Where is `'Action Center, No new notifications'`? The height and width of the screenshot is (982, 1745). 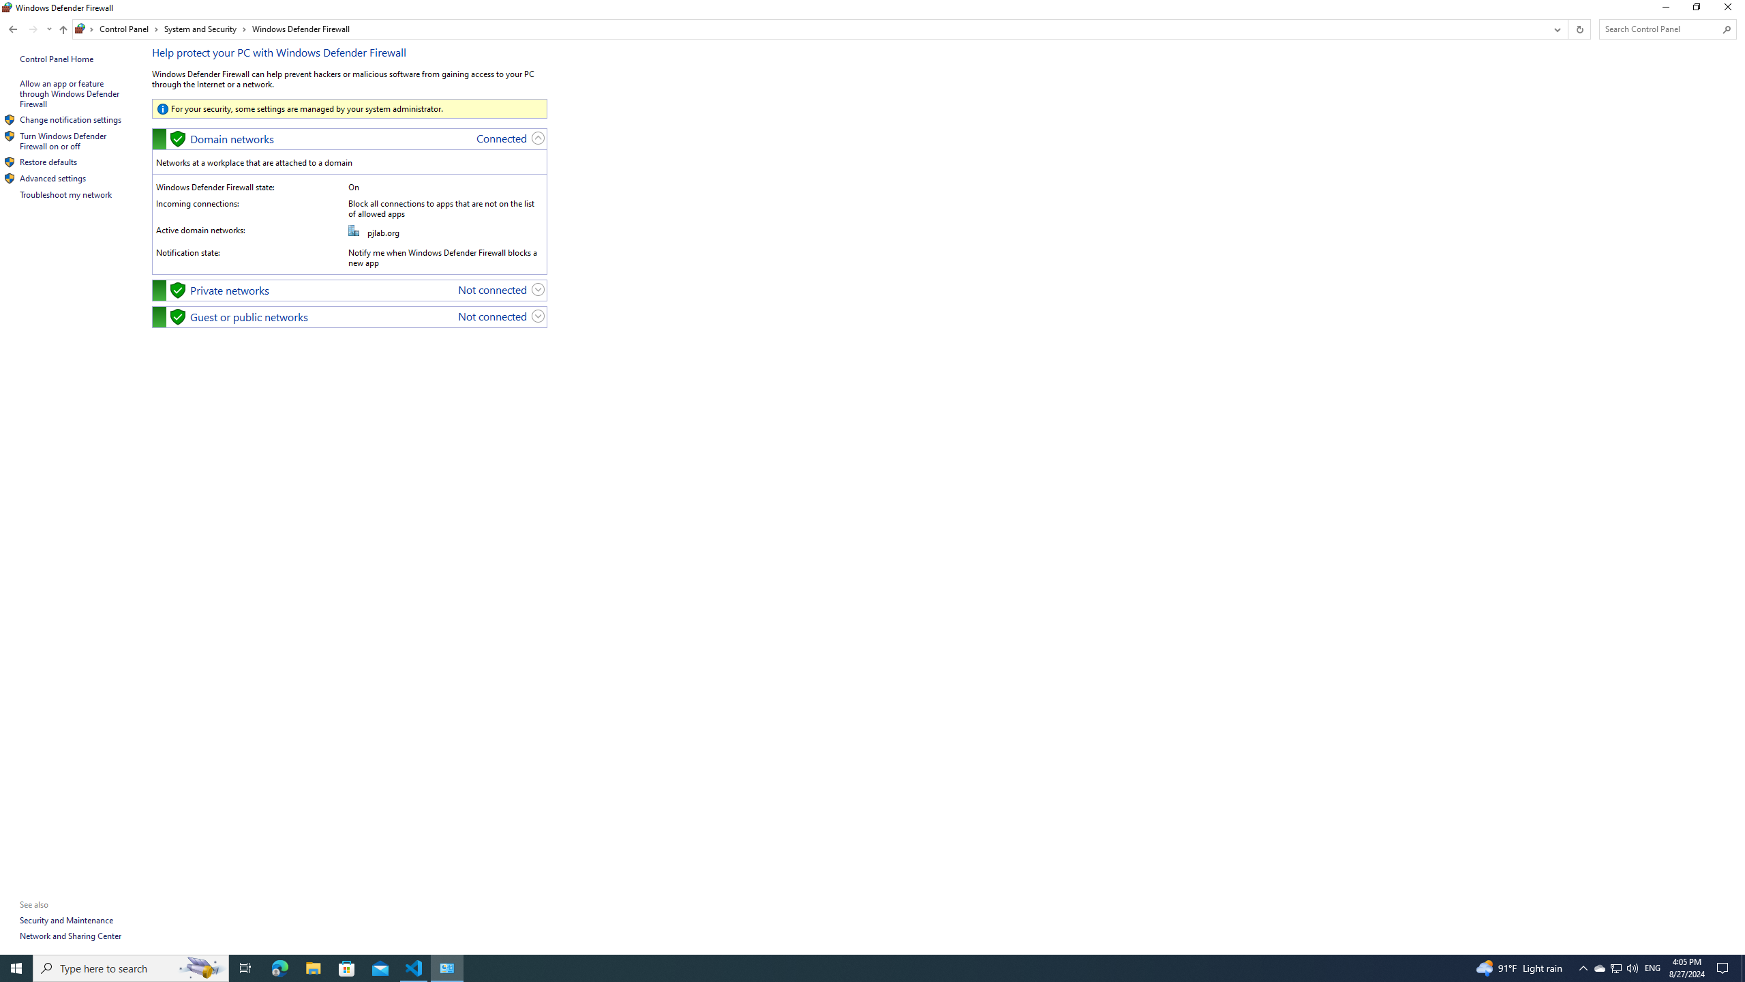 'Action Center, No new notifications' is located at coordinates (1725, 967).